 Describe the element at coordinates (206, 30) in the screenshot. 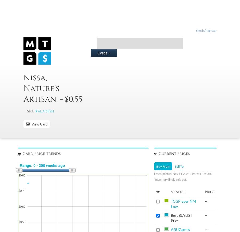

I see `'Sign in/Register'` at that location.